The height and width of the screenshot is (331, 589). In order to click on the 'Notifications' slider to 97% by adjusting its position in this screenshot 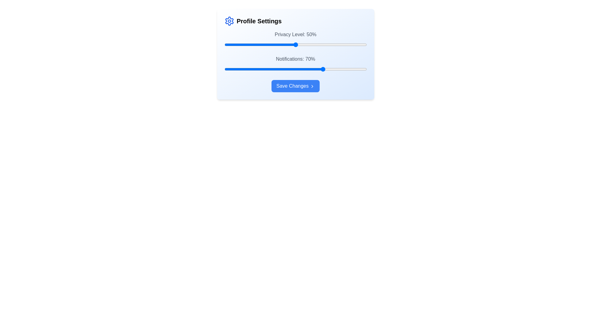, I will do `click(362, 69)`.